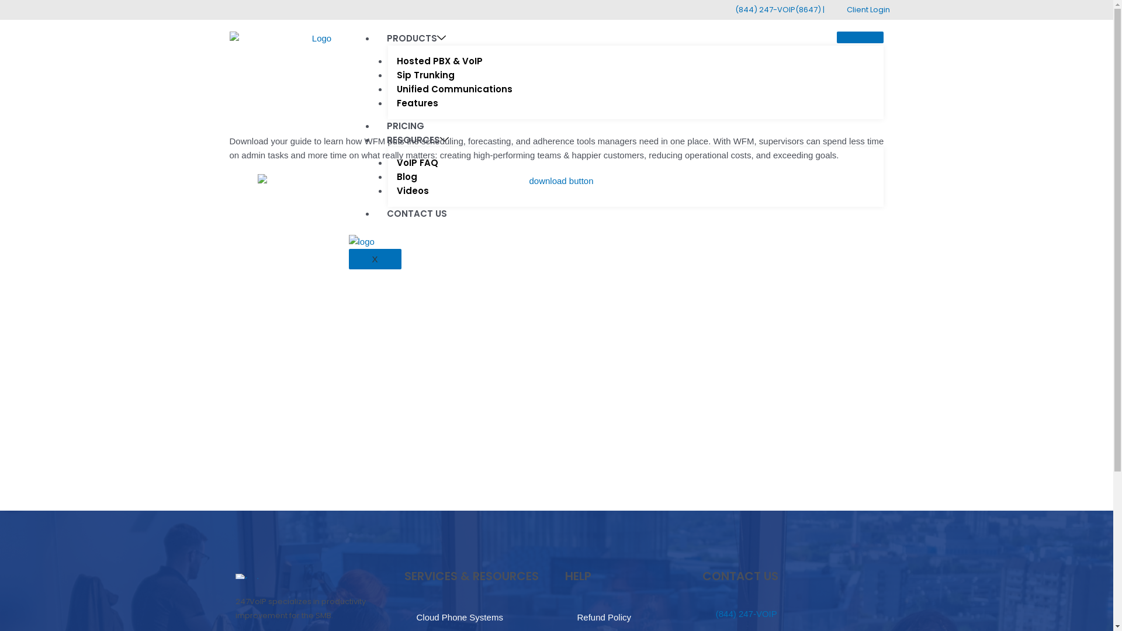  Describe the element at coordinates (459, 616) in the screenshot. I see `'Cloud Phone Systems'` at that location.